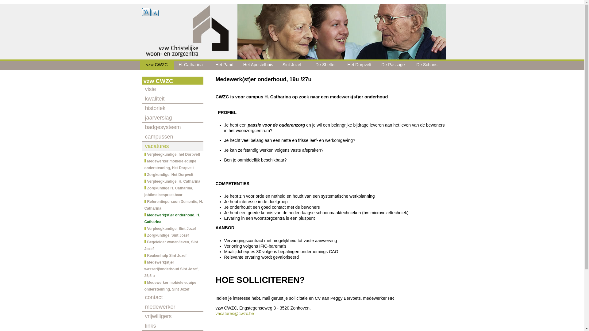 Image resolution: width=589 pixels, height=331 pixels. I want to click on 'Het Dorpvelt', so click(359, 65).